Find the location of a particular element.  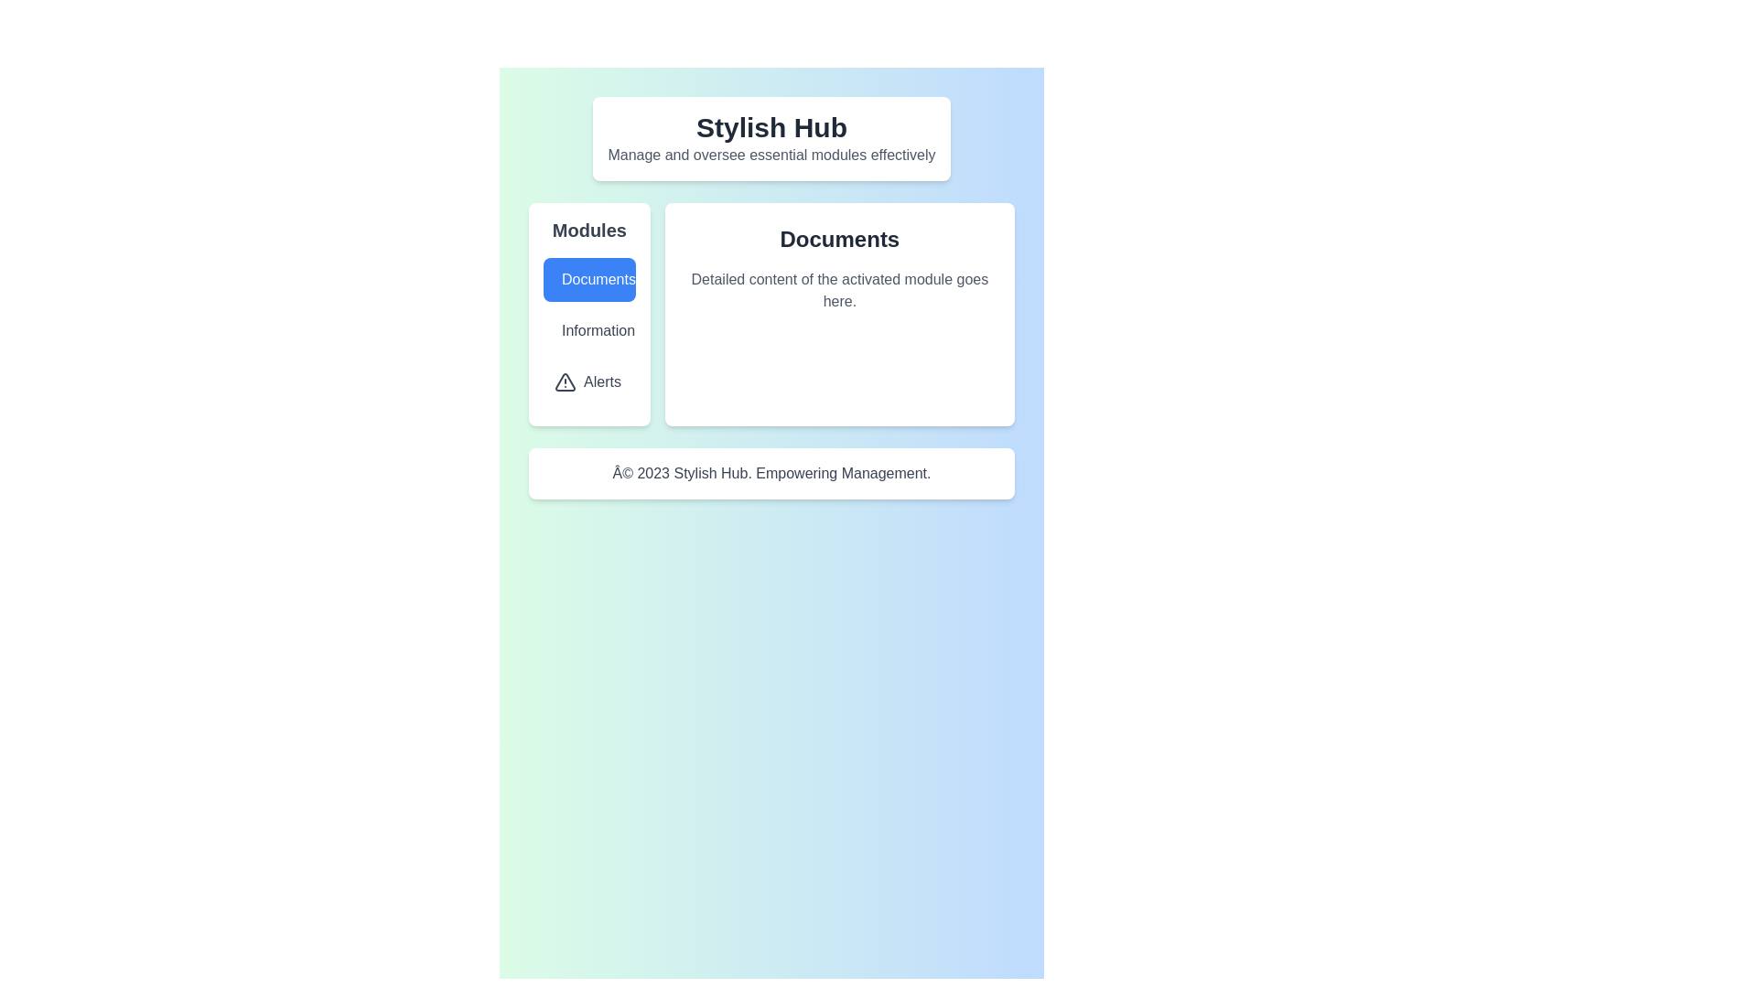

the static text element that reads '© 2023 Stylish Hub. Empowering Management.' located at the bottom center of a rounded white card is located at coordinates (771, 472).